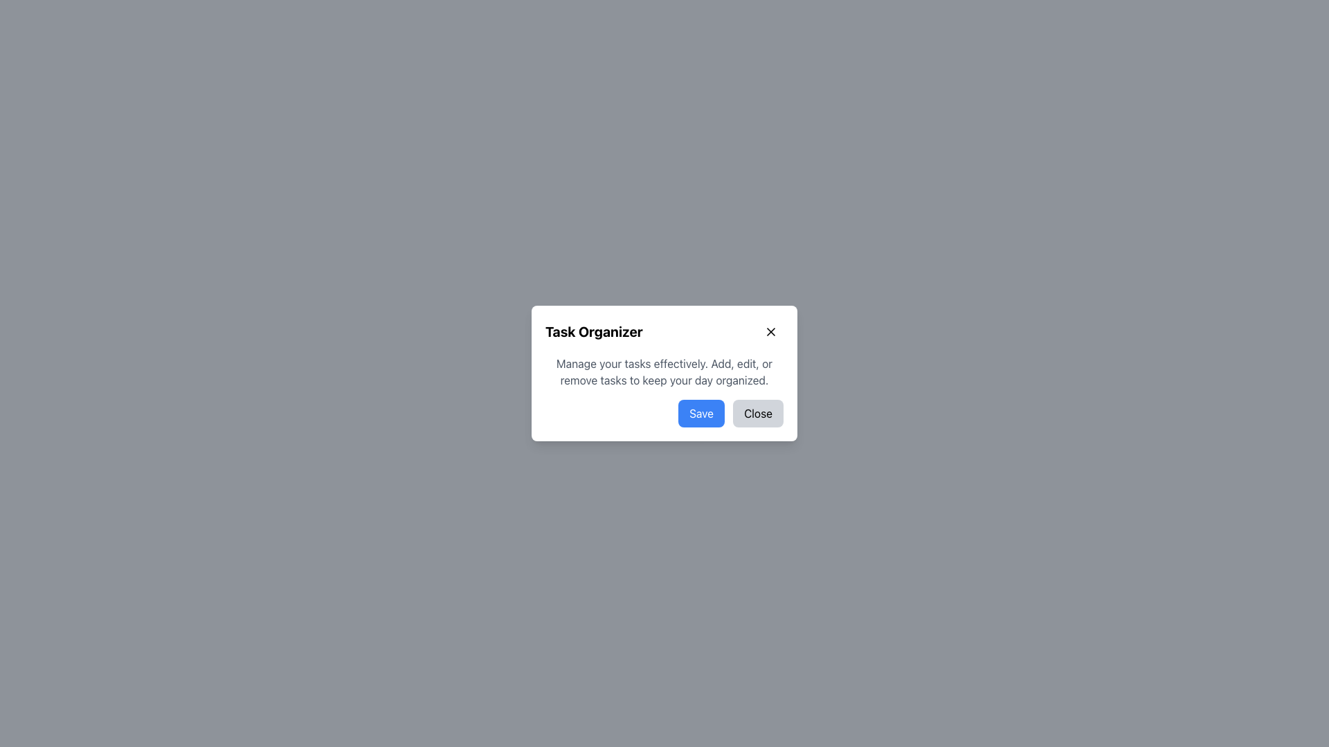  I want to click on the Text Display element located below the 'Task Organizer' header, so click(664, 371).